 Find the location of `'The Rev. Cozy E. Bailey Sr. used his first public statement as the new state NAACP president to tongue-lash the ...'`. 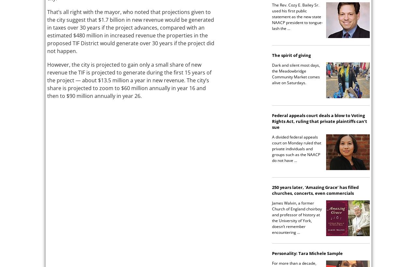

'The Rev. Cozy E. Bailey Sr. used his first public statement as the new state NAACP president to tongue-lash the ...' is located at coordinates (297, 16).